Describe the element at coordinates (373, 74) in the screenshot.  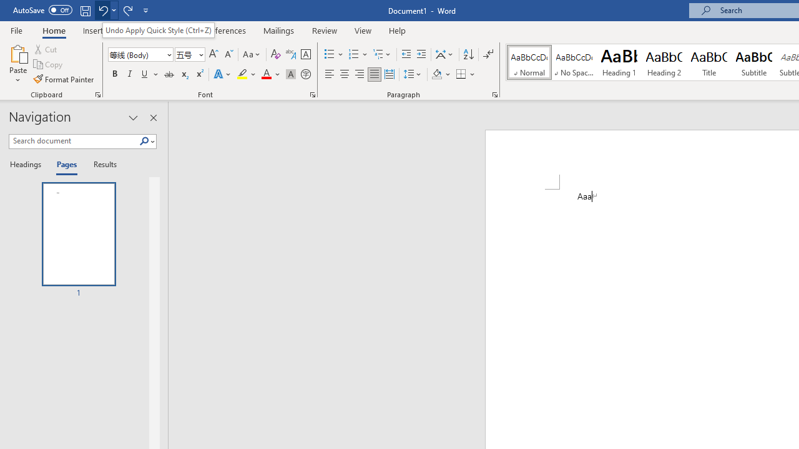
I see `'Justify'` at that location.